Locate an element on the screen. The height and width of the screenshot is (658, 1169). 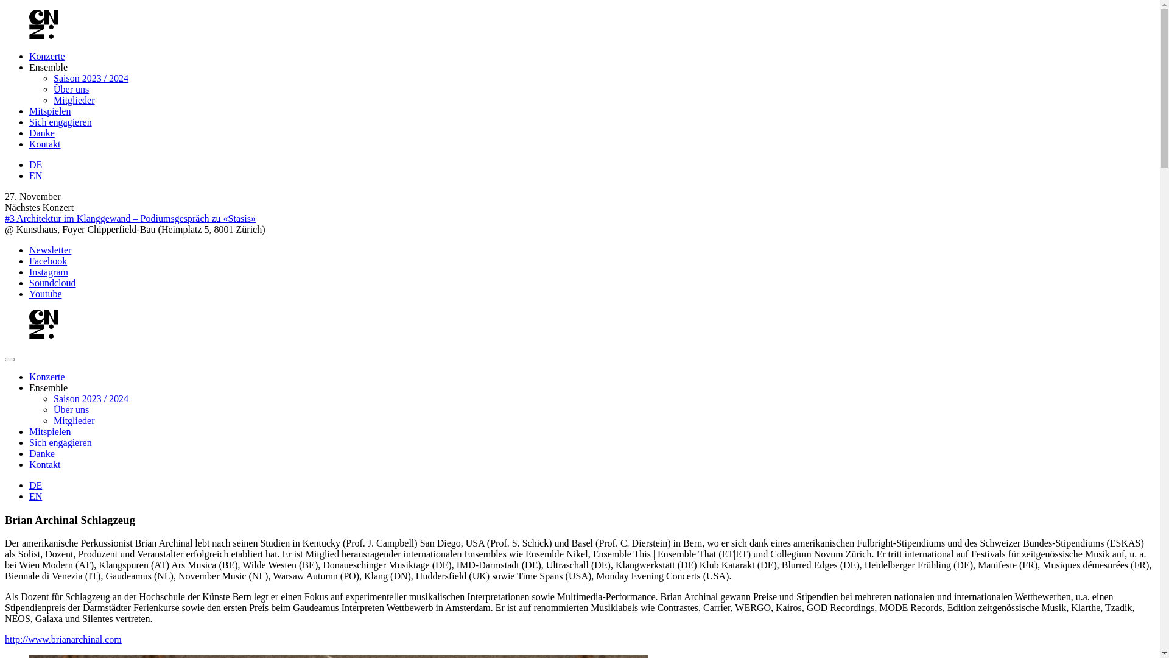
'Youtube' is located at coordinates (46, 294).